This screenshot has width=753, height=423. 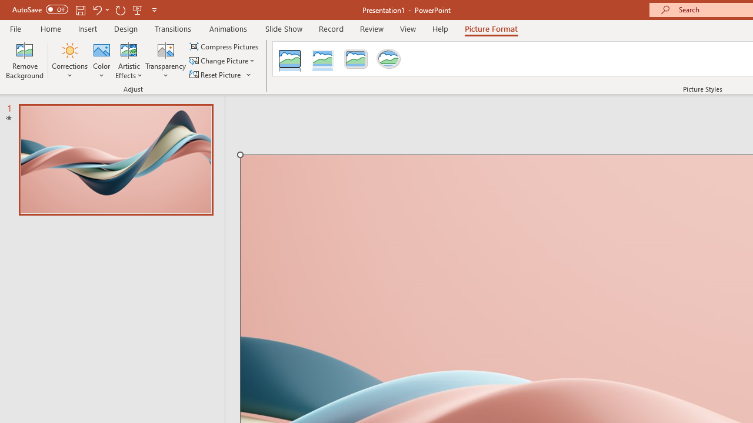 What do you see at coordinates (323, 59) in the screenshot?
I see `'Reflected Bevel, White'` at bounding box center [323, 59].